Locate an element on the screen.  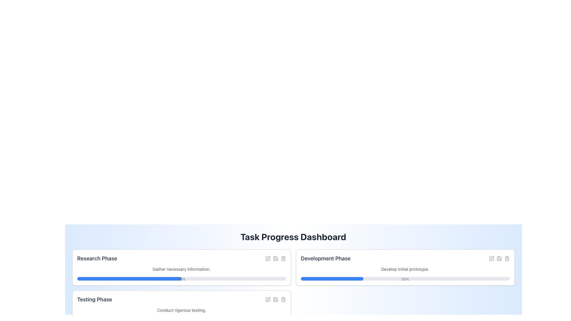
the save icon button, which is a minimalistic line art of a floppy disk located between the trashbin icon and another icon in the lower-right corner of the 'Testing Phase' card on the dashboard, to change its color is located at coordinates (275, 299).